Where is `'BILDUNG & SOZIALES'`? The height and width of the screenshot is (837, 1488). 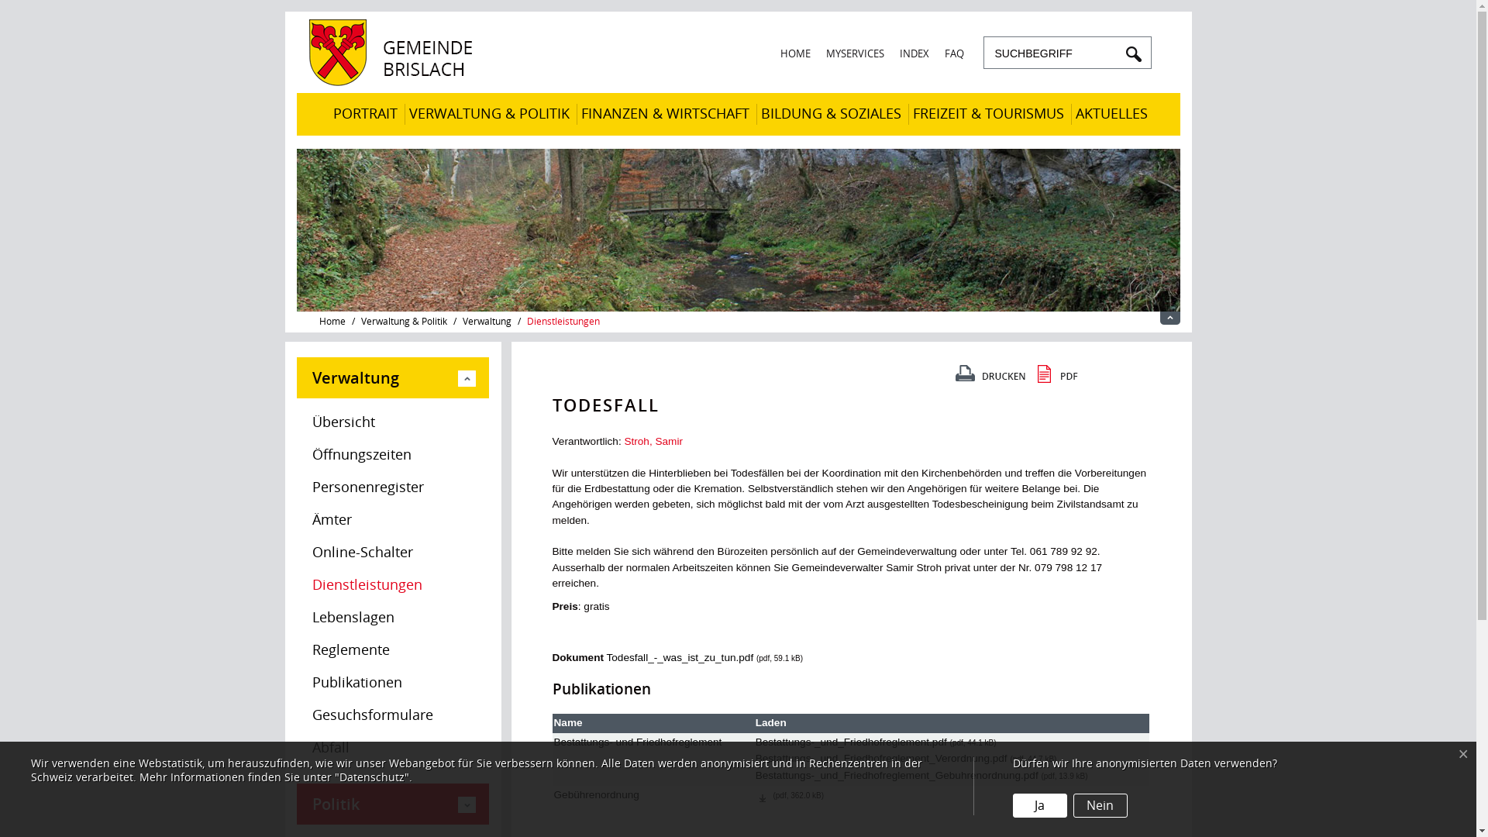
'BILDUNG & SOZIALES' is located at coordinates (830, 113).